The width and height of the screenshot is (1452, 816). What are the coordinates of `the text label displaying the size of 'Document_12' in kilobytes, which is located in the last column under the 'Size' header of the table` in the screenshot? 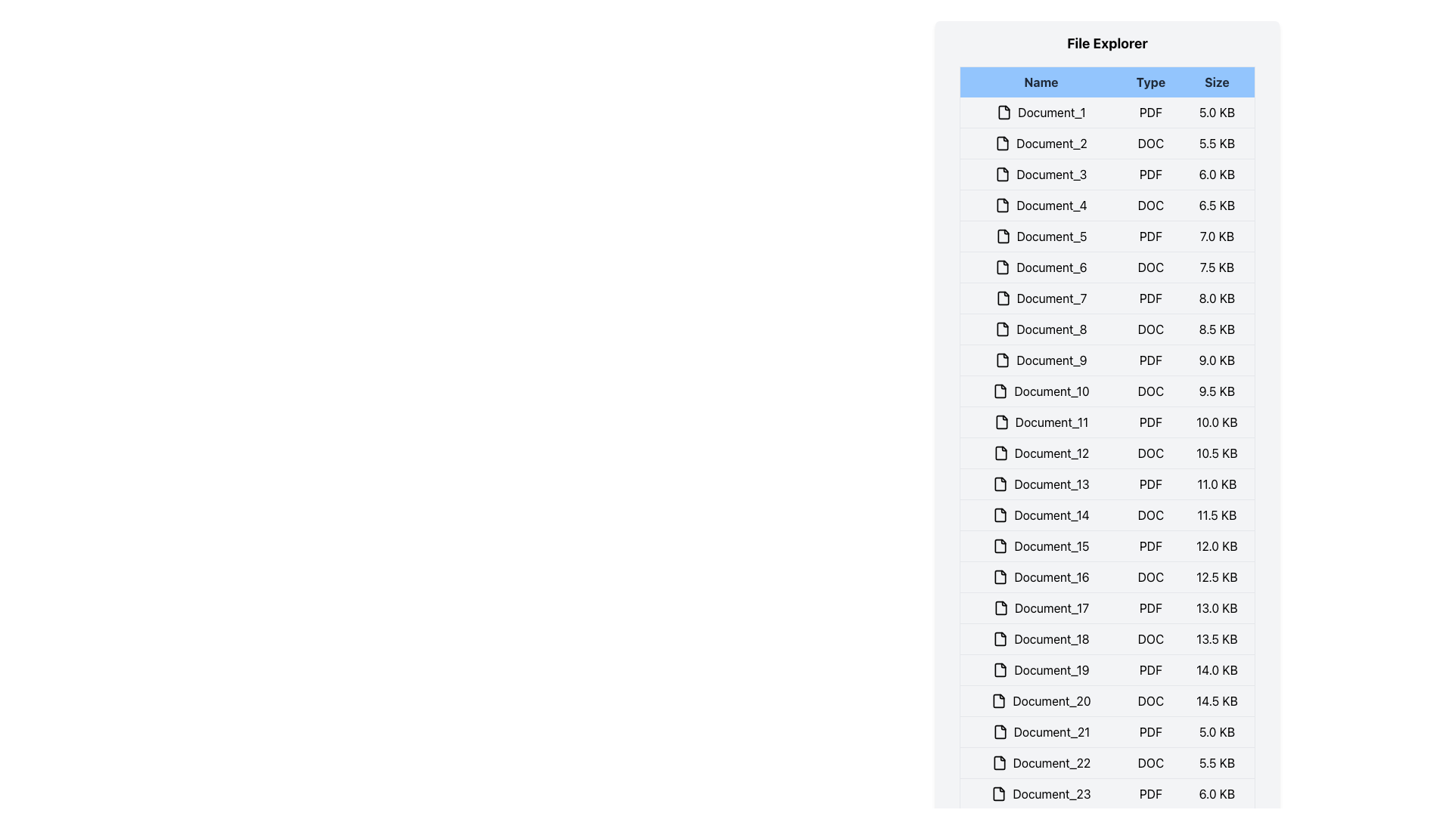 It's located at (1217, 453).